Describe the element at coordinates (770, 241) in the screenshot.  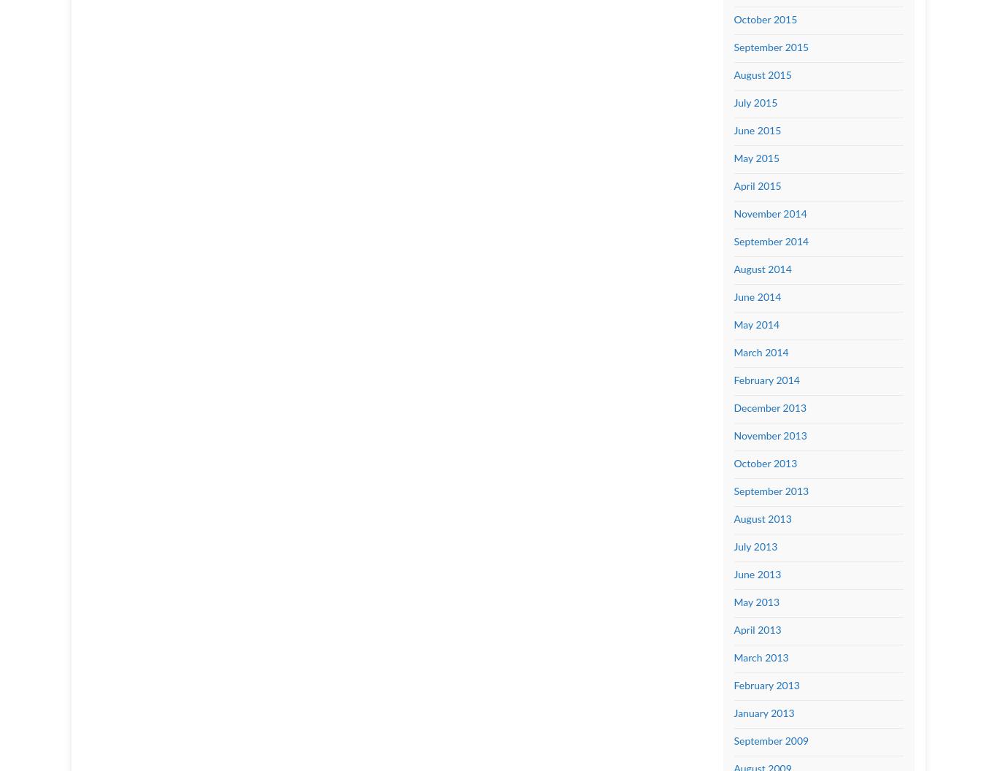
I see `'September 2014'` at that location.